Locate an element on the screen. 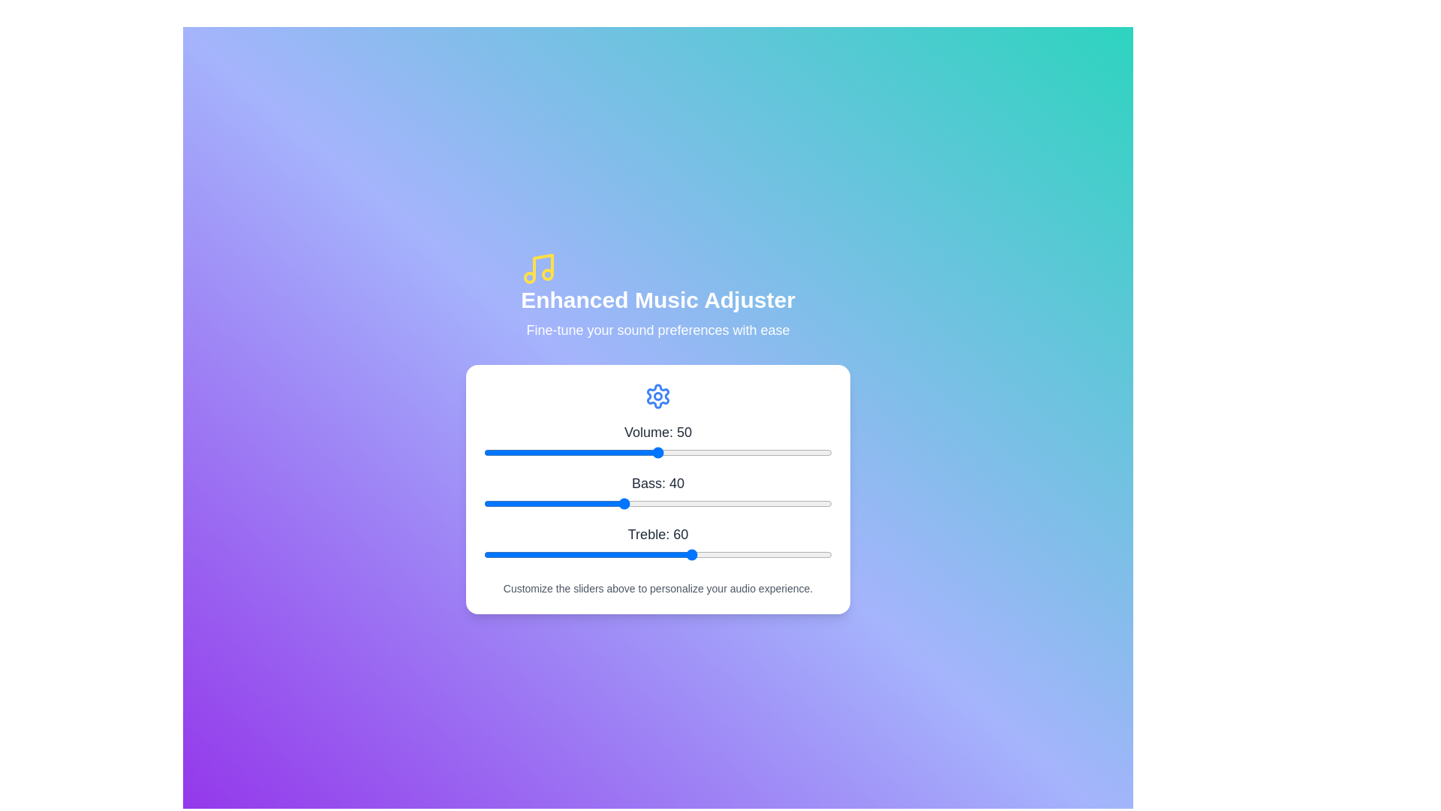 This screenshot has height=811, width=1441. the volume slider to 62 value is located at coordinates (699, 451).